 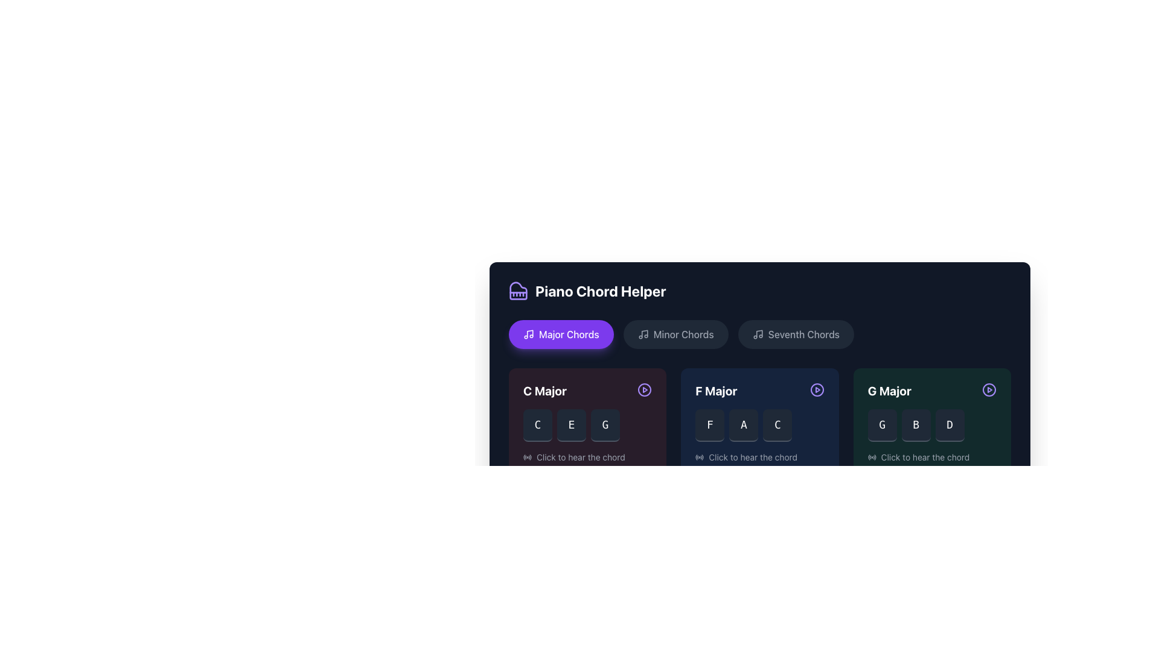 I want to click on the first button in the 'C Major' row, so click(x=537, y=424).